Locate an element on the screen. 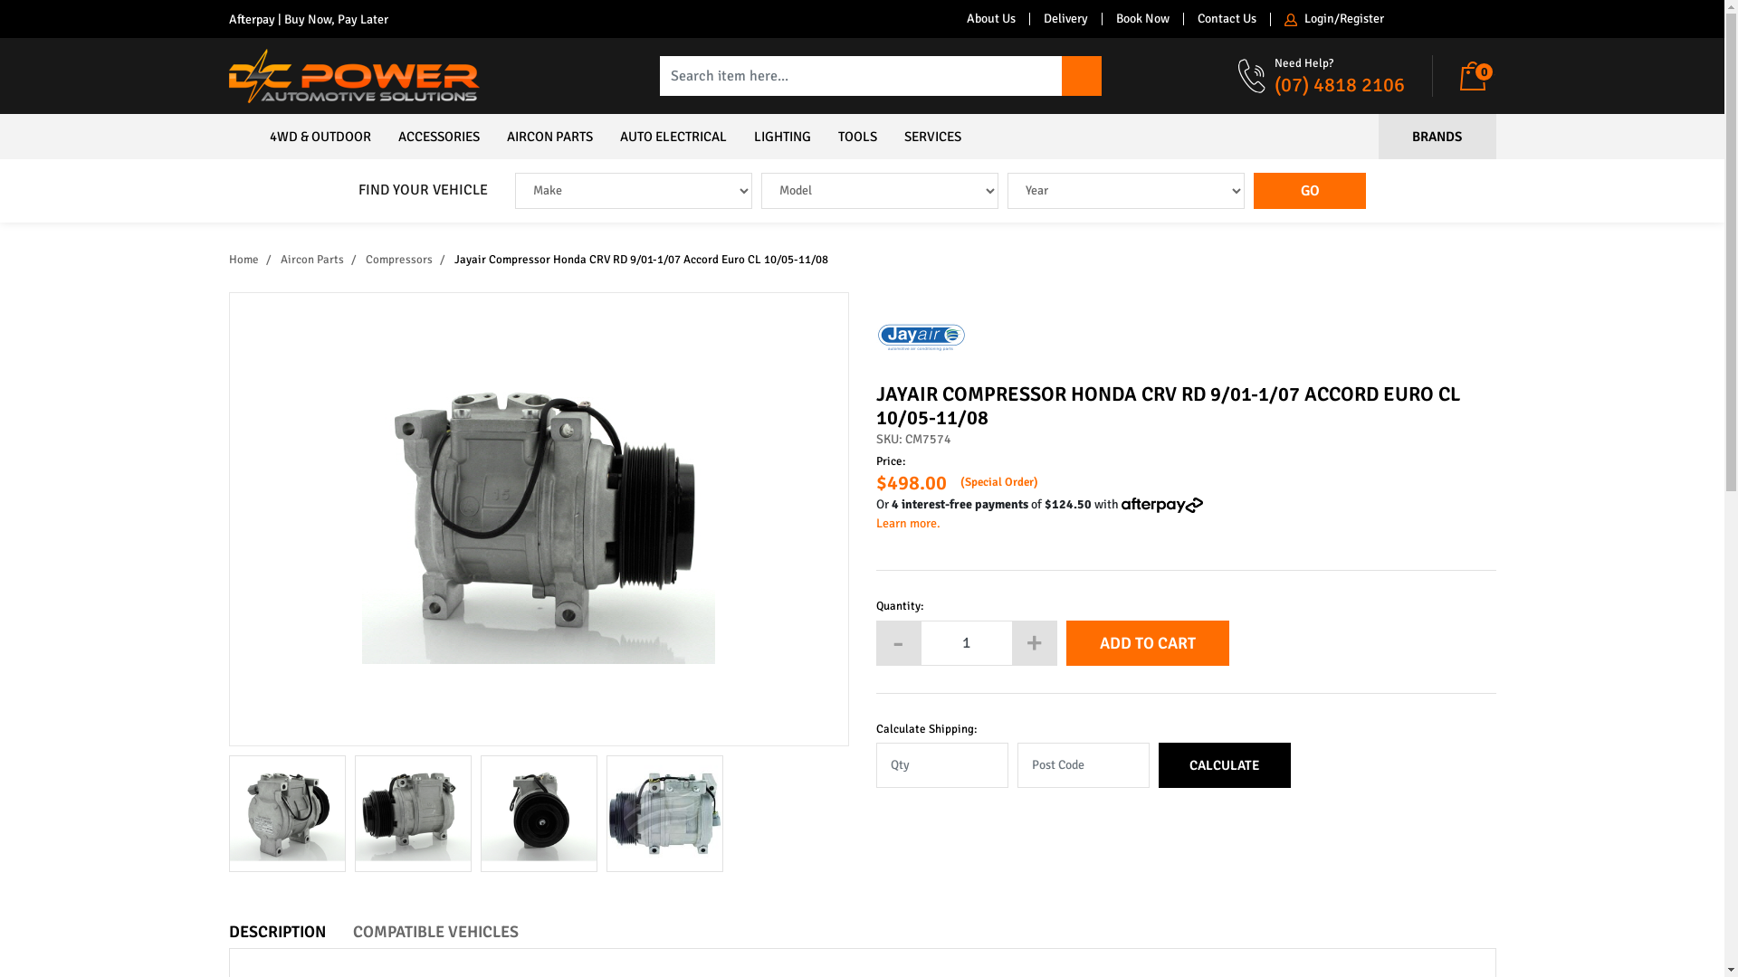 The image size is (1738, 977). 'Book Now' is located at coordinates (1141, 18).